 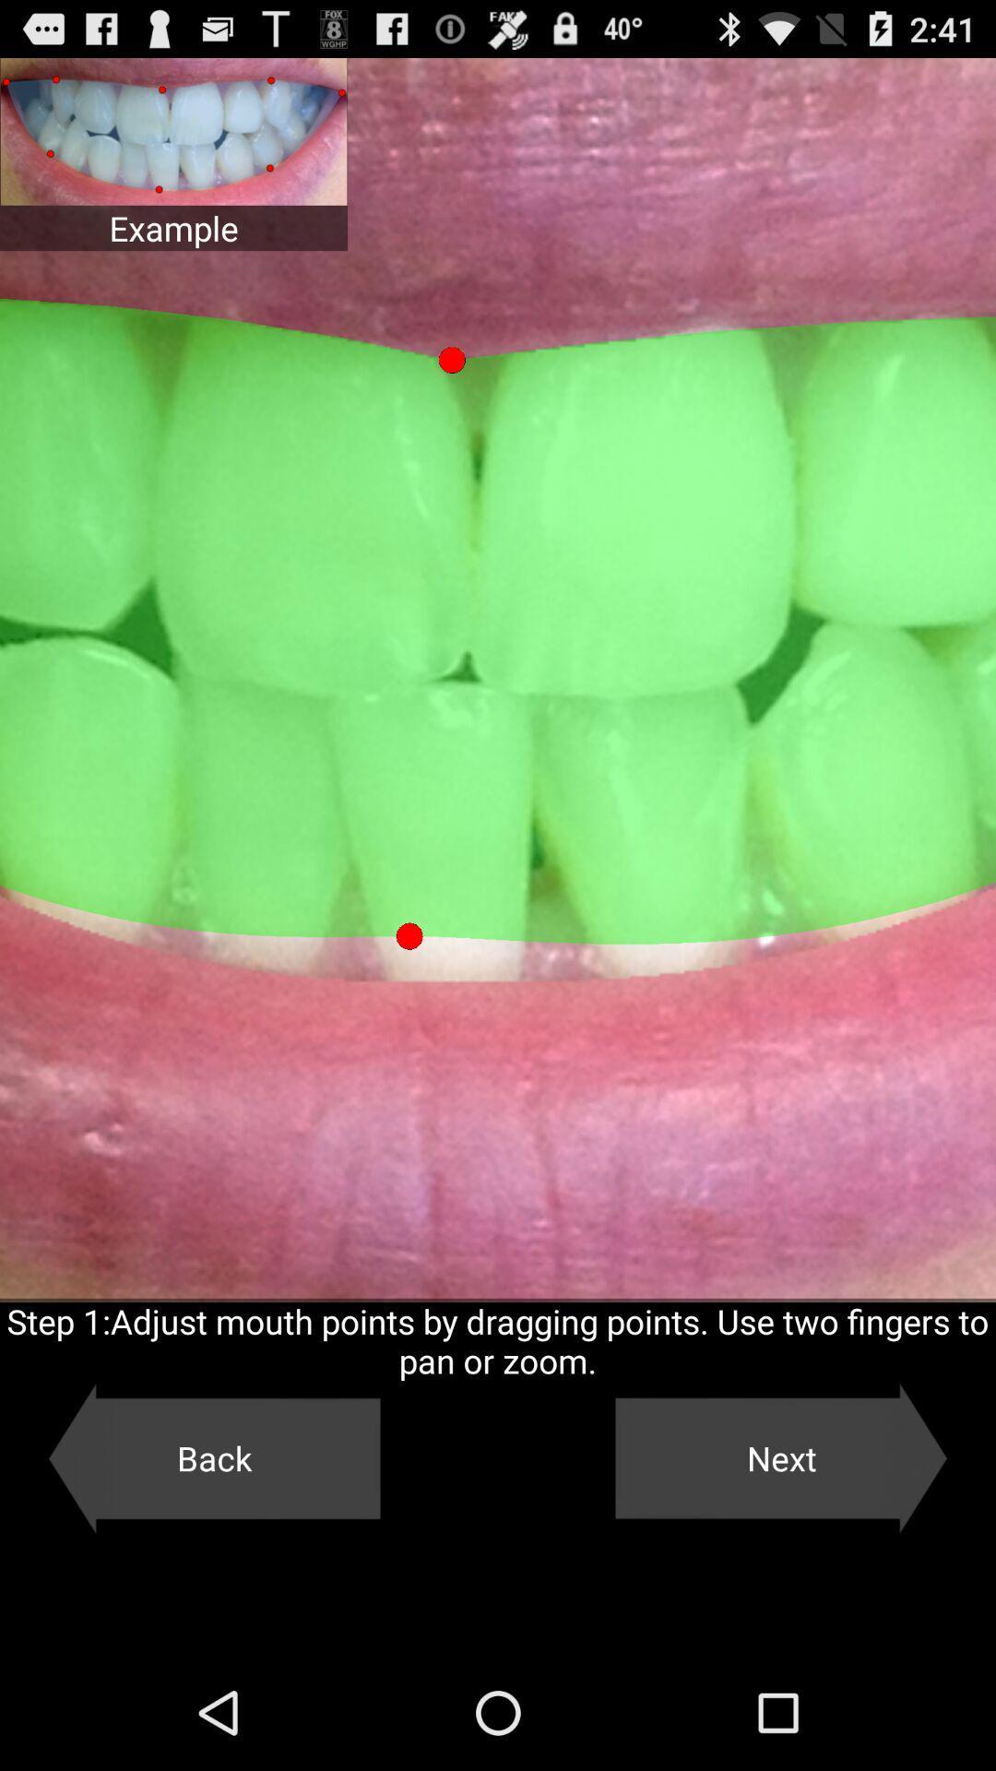 I want to click on next button, so click(x=781, y=1457).